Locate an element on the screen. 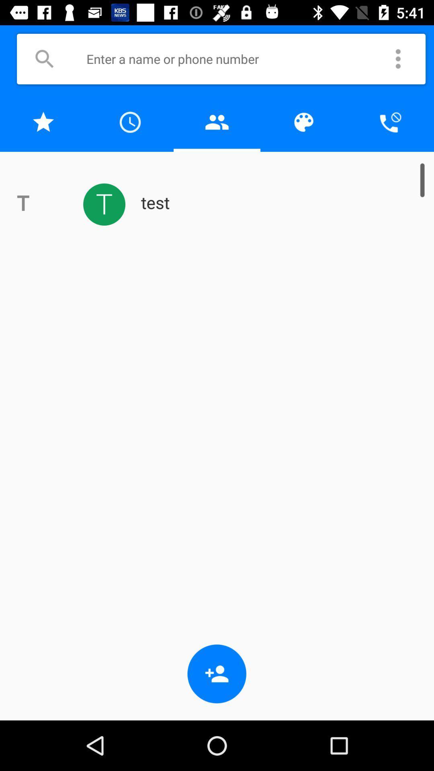 The width and height of the screenshot is (434, 771). a button to search for contacts is located at coordinates (44, 59).